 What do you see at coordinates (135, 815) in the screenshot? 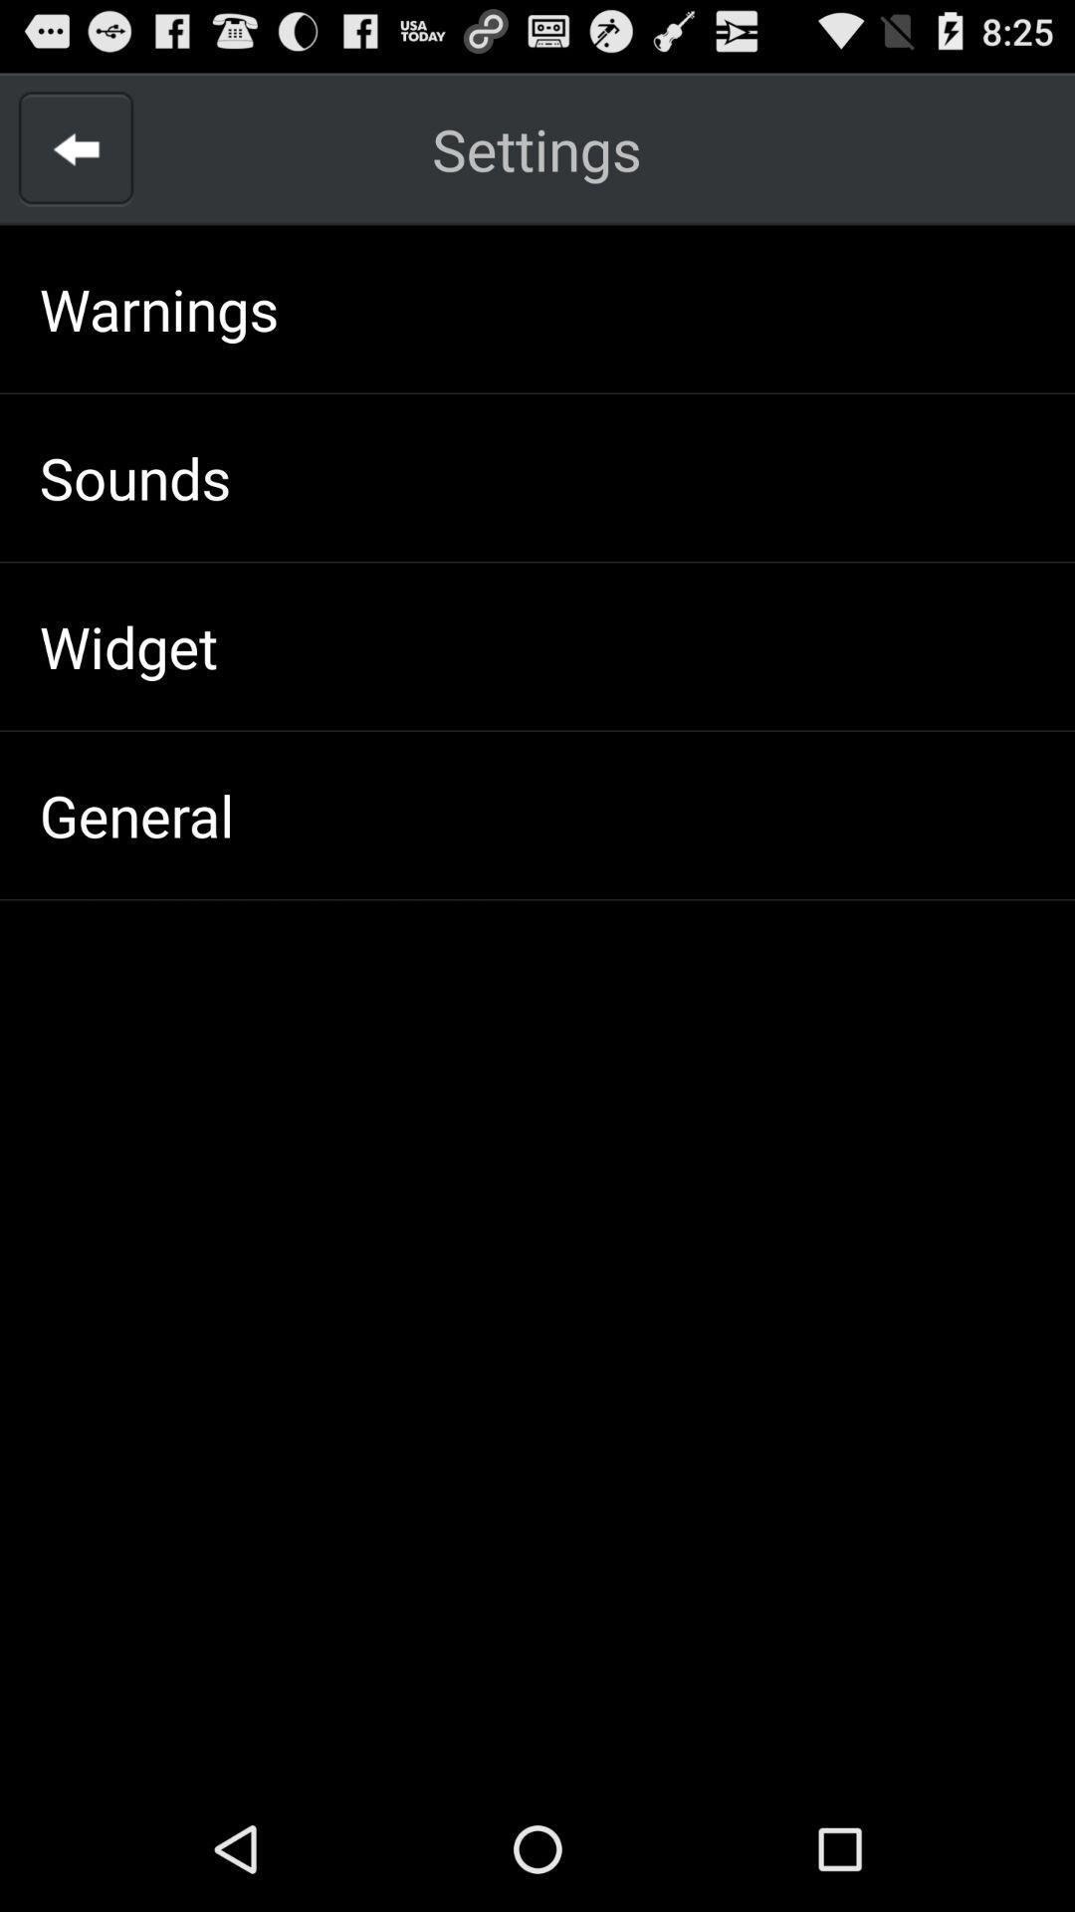
I see `the icon below widget` at bounding box center [135, 815].